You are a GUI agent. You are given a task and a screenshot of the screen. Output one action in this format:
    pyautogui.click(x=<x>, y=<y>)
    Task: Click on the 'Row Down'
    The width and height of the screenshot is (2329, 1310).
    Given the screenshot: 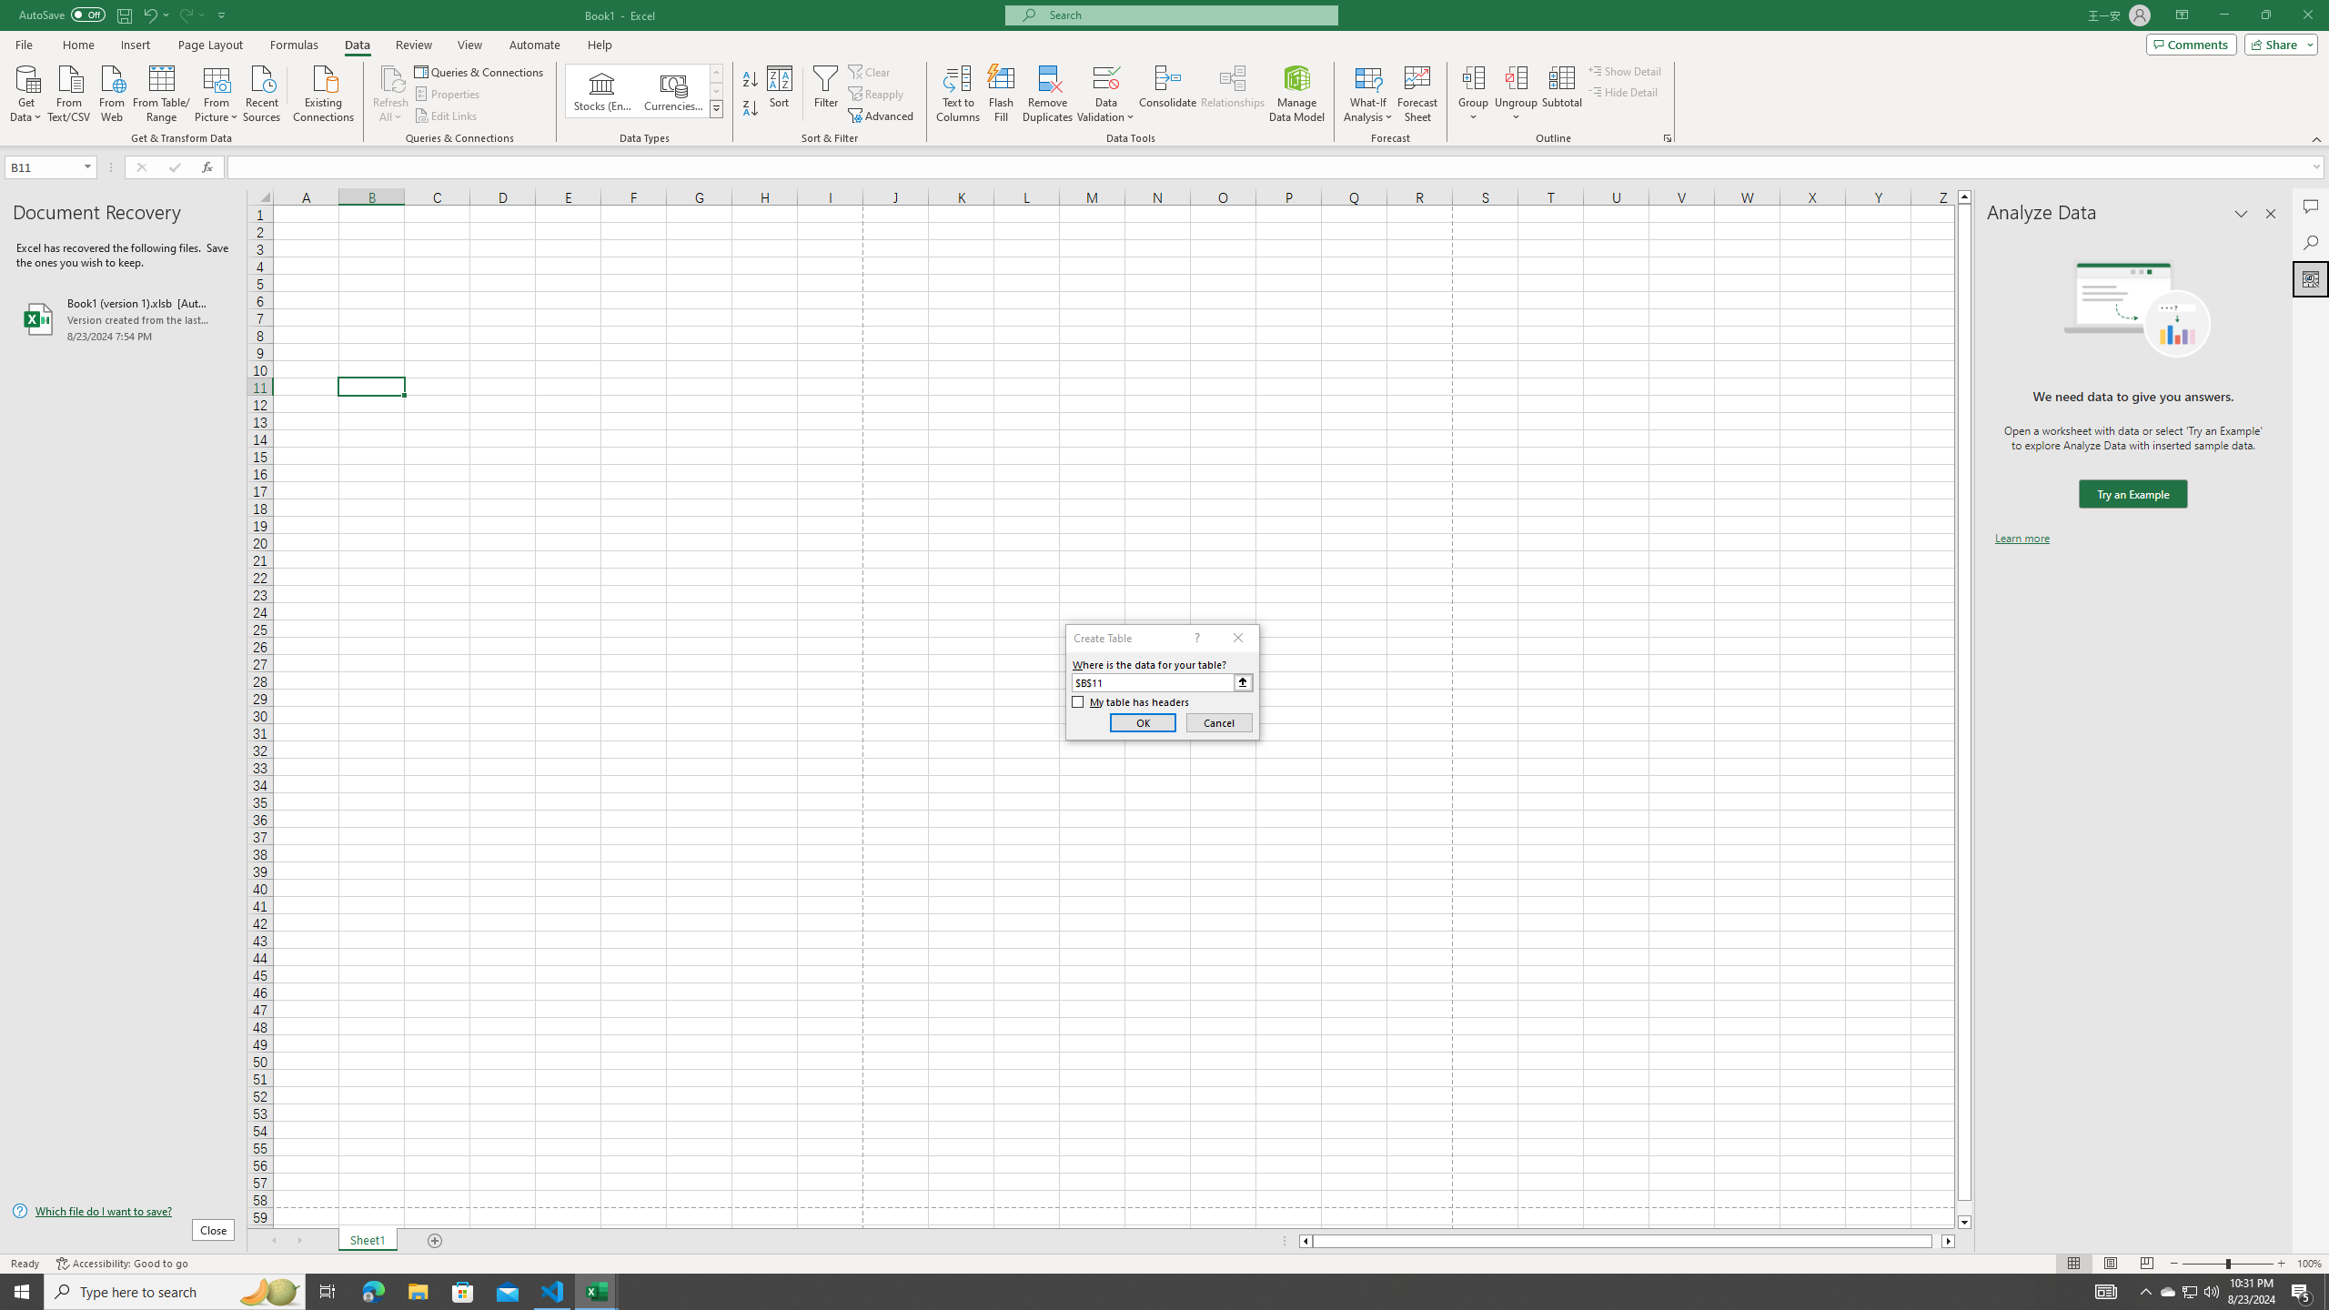 What is the action you would take?
    pyautogui.click(x=716, y=90)
    